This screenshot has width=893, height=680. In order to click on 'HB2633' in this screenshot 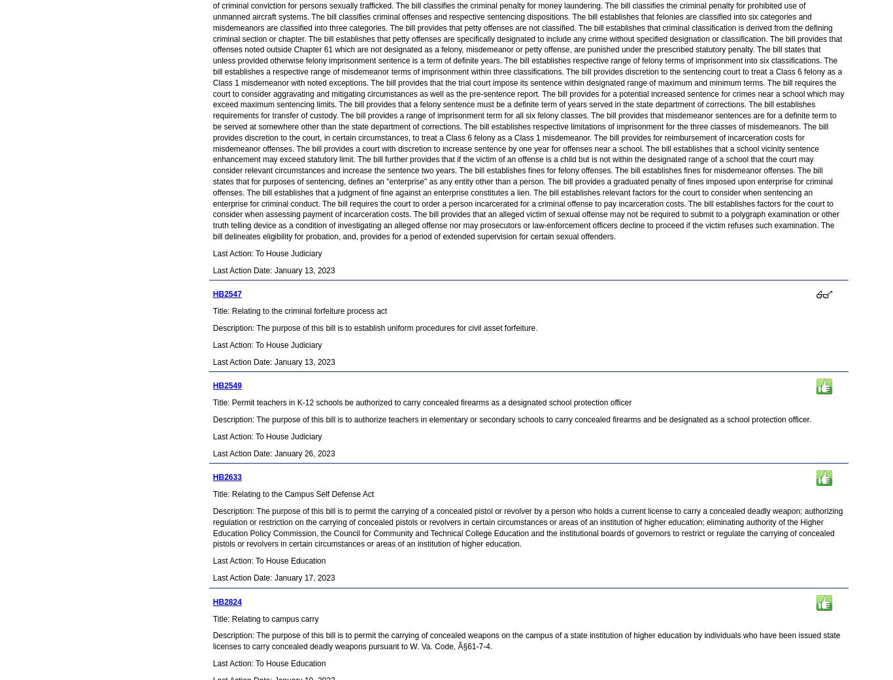, I will do `click(212, 477)`.